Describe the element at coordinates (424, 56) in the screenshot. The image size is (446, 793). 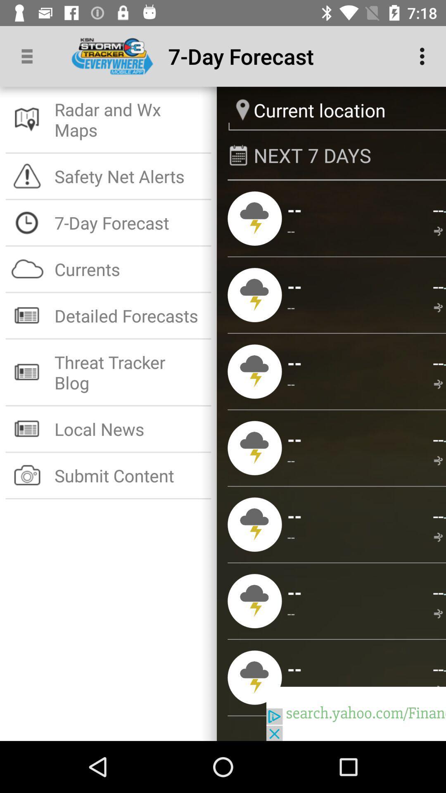
I see `the item next to 7-day forecast icon` at that location.